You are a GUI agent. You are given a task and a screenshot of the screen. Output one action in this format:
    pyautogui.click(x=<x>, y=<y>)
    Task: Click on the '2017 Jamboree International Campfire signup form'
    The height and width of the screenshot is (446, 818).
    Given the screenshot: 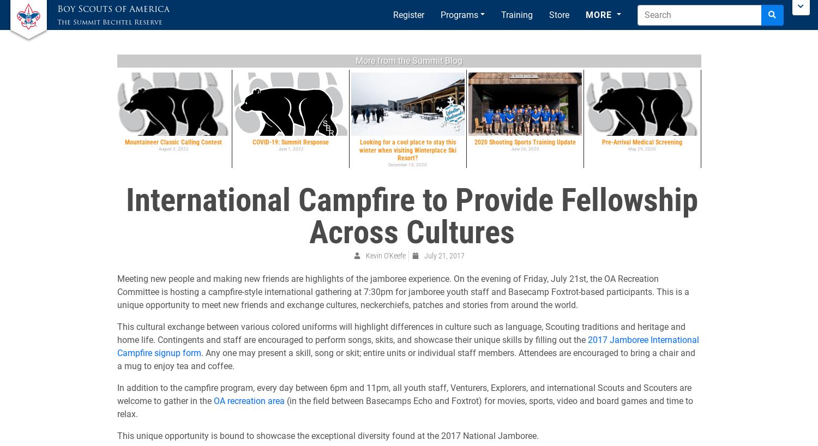 What is the action you would take?
    pyautogui.click(x=407, y=346)
    